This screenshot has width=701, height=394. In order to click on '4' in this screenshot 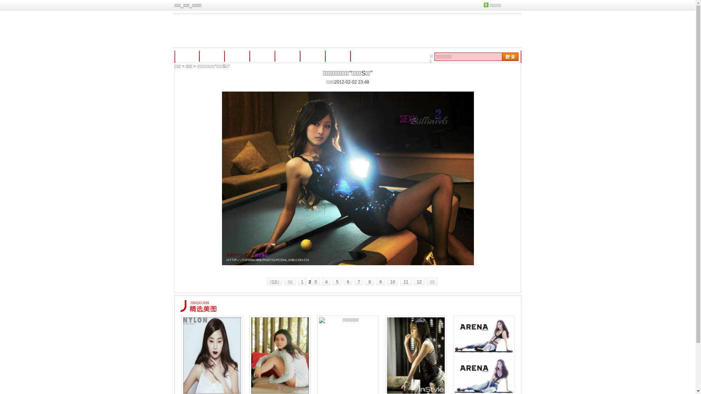, I will do `click(326, 281)`.